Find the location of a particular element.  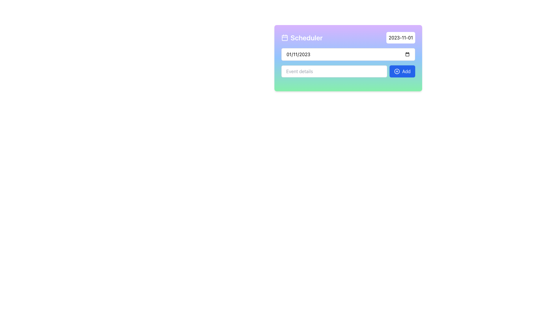

the circular icon with a plus sign inscribed in its center, located to the left of the 'Add' text in the bottom-right area of the gradient background scheduler interface is located at coordinates (397, 71).